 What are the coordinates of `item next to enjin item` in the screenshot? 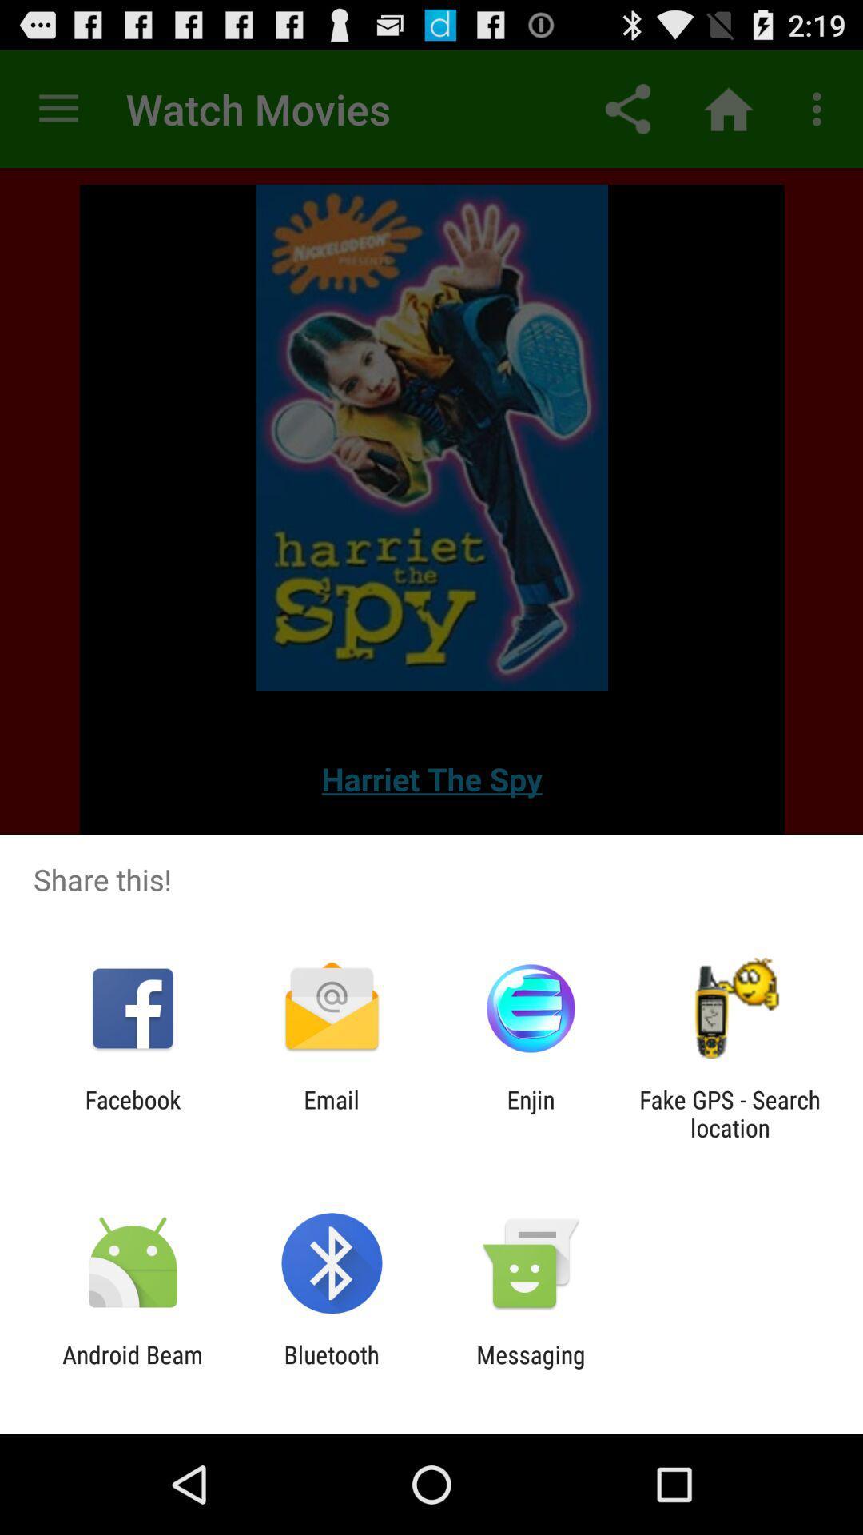 It's located at (730, 1113).